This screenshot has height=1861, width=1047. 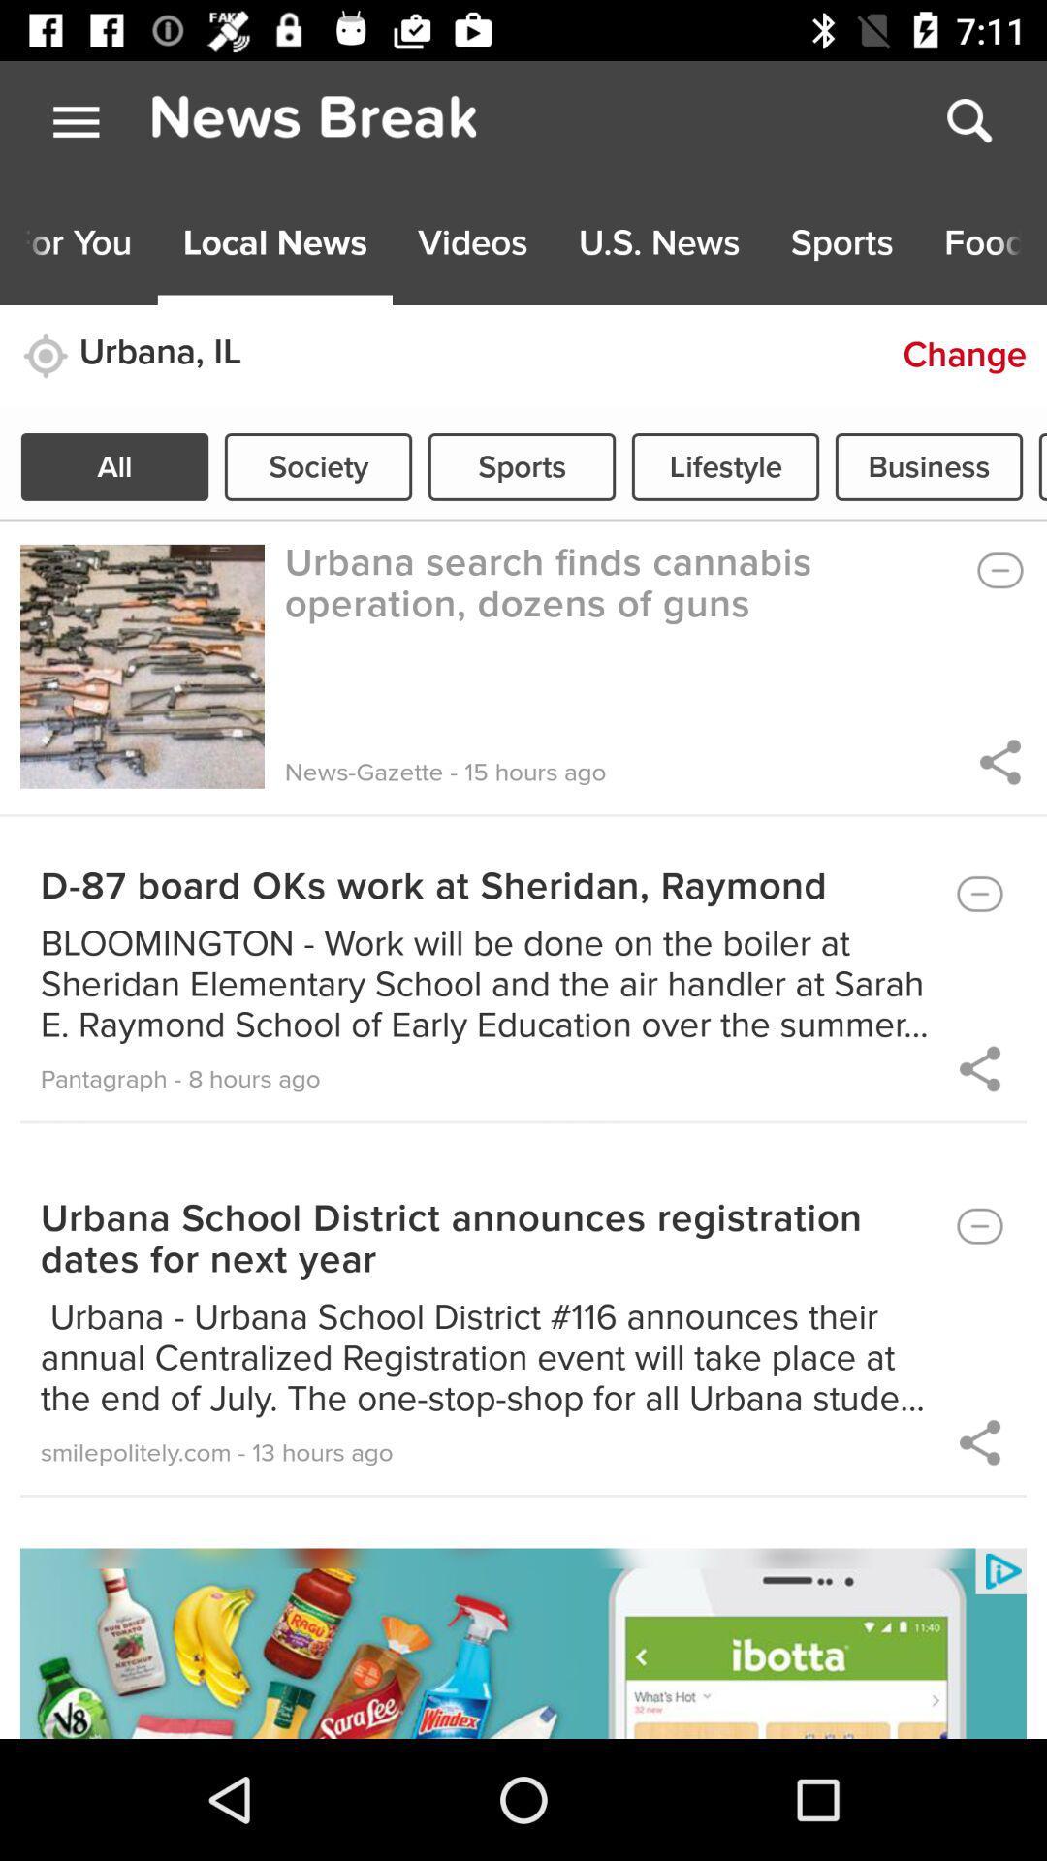 What do you see at coordinates (841, 243) in the screenshot?
I see `the button beside food` at bounding box center [841, 243].